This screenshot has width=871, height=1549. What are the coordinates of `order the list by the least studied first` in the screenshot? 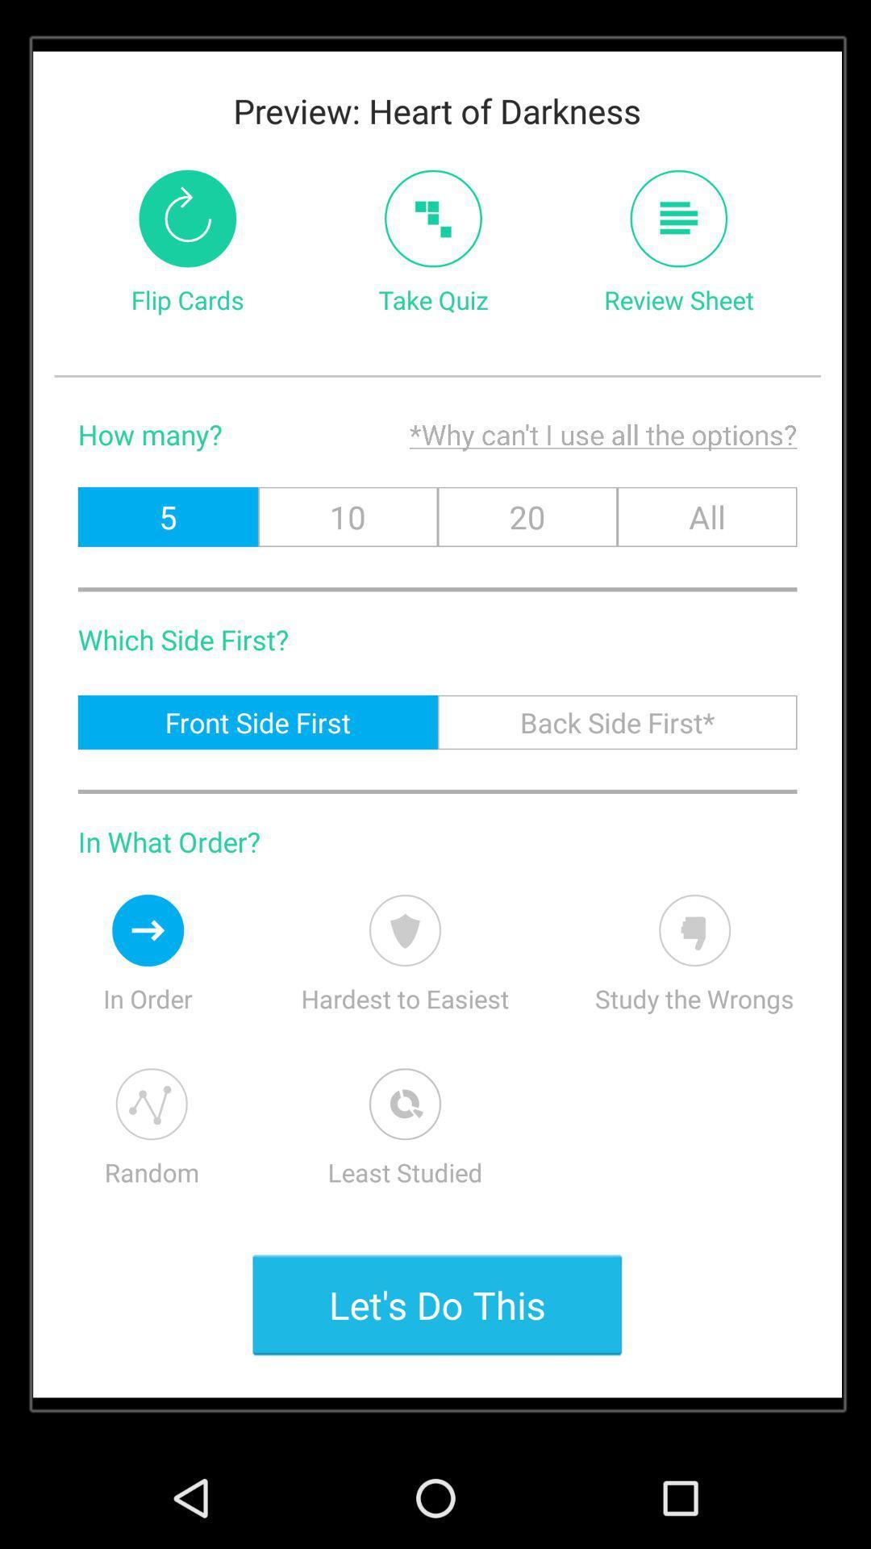 It's located at (404, 1103).